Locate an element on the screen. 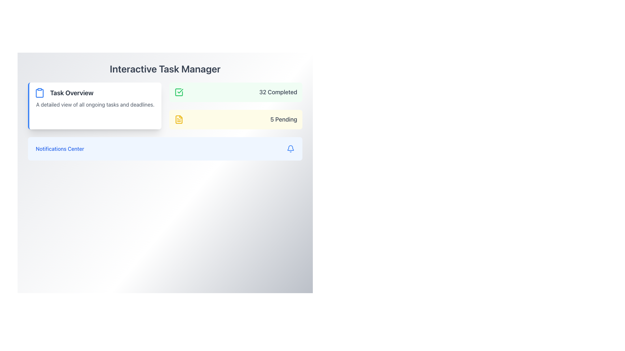 This screenshot has height=351, width=625. the text box displaying 'A detailed view of all ongoing tasks and deadlines.' located in the second row of the 'Task Overview' component is located at coordinates (95, 104).